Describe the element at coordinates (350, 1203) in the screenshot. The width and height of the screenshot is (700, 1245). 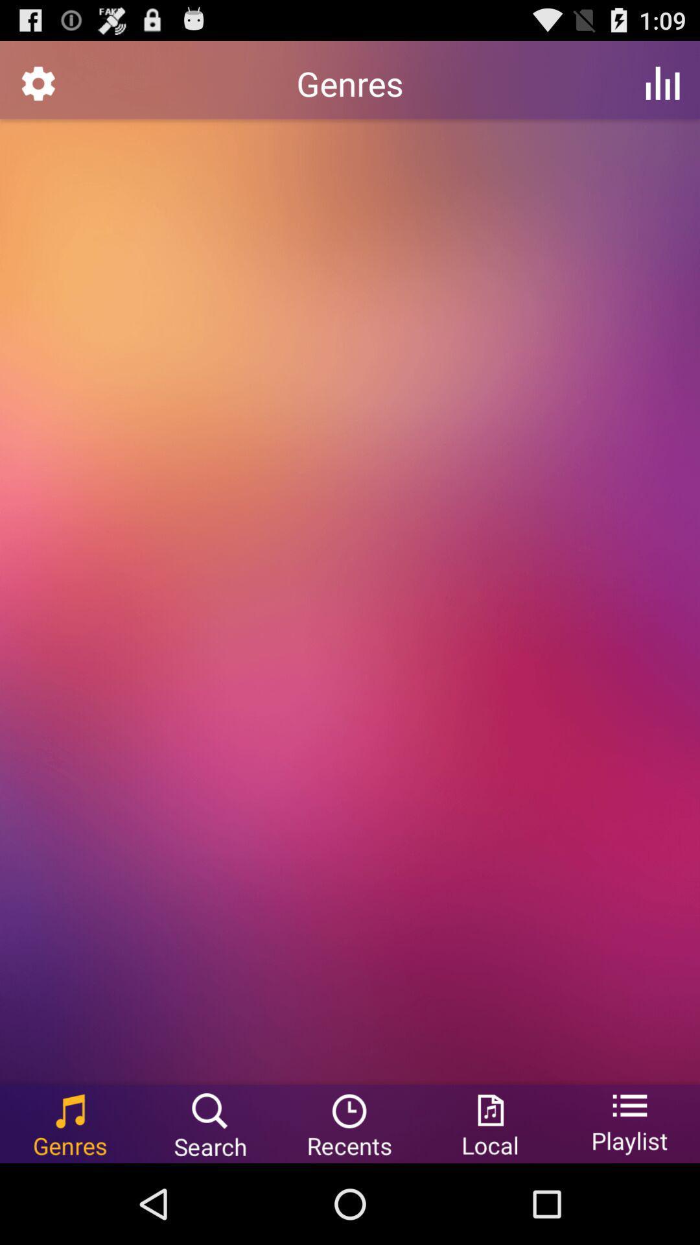
I see `the time icon` at that location.